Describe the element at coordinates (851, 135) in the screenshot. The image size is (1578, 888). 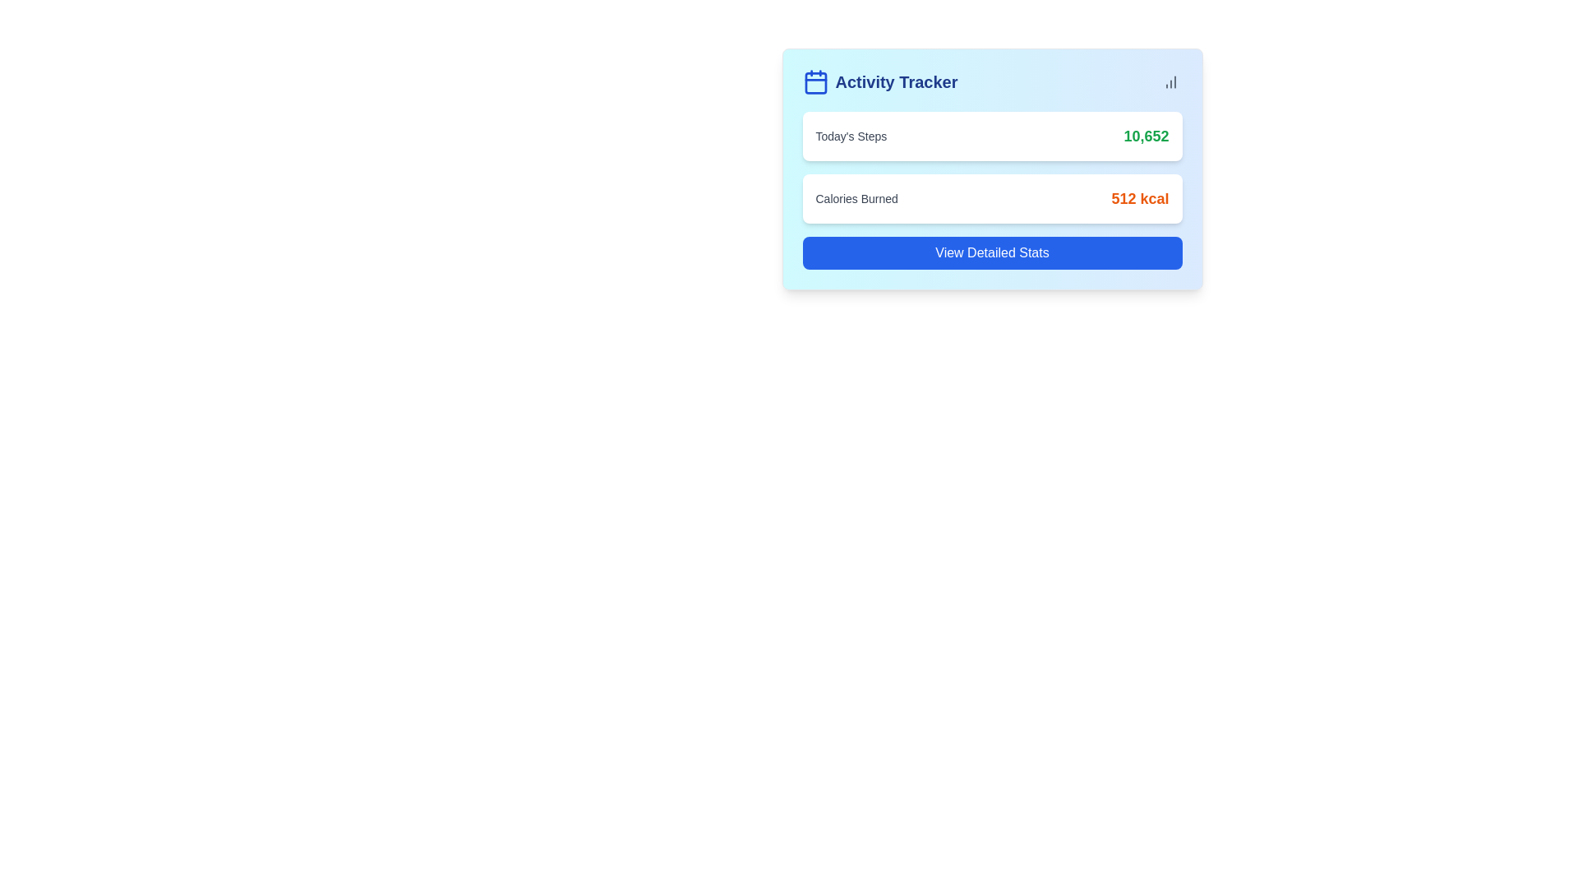
I see `the text label displaying 'Today's Steps', which is located in the upper-left portion of a white rounded card, adjacent to the numerical value '10,652'` at that location.